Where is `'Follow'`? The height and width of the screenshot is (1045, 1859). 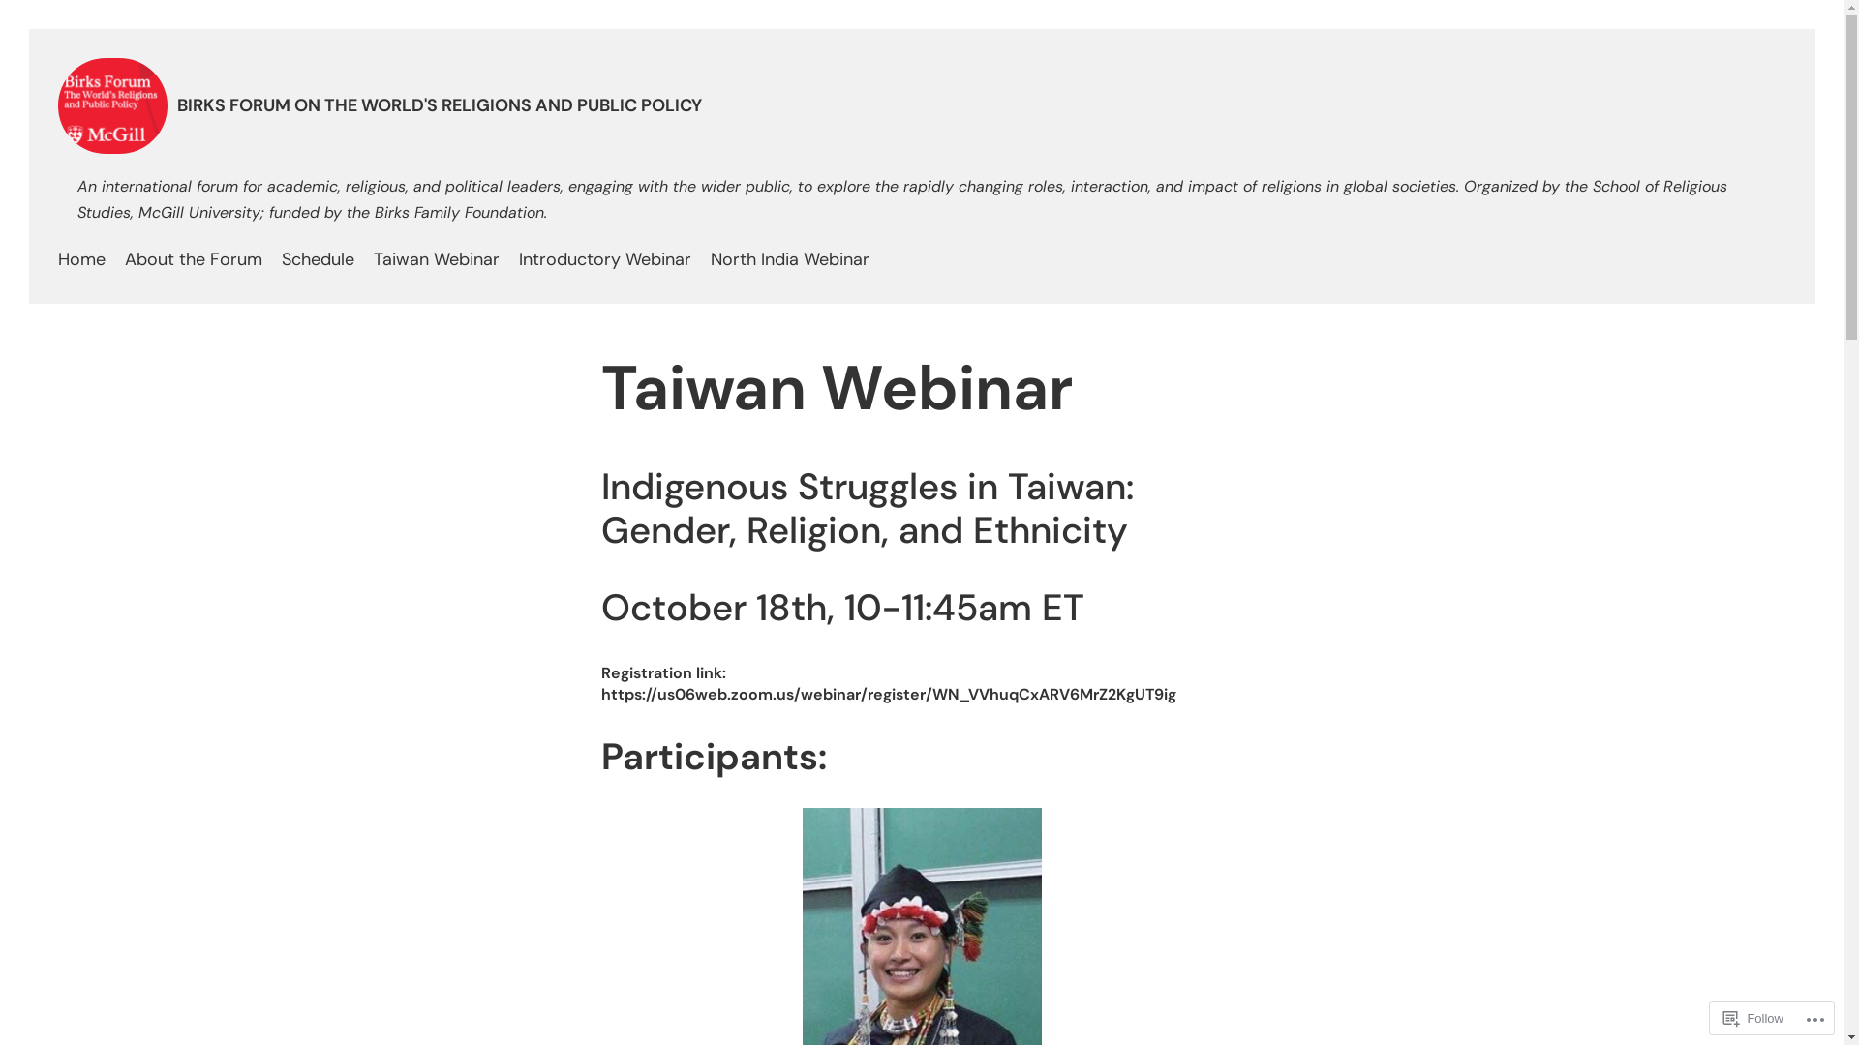
'Follow' is located at coordinates (1715, 1017).